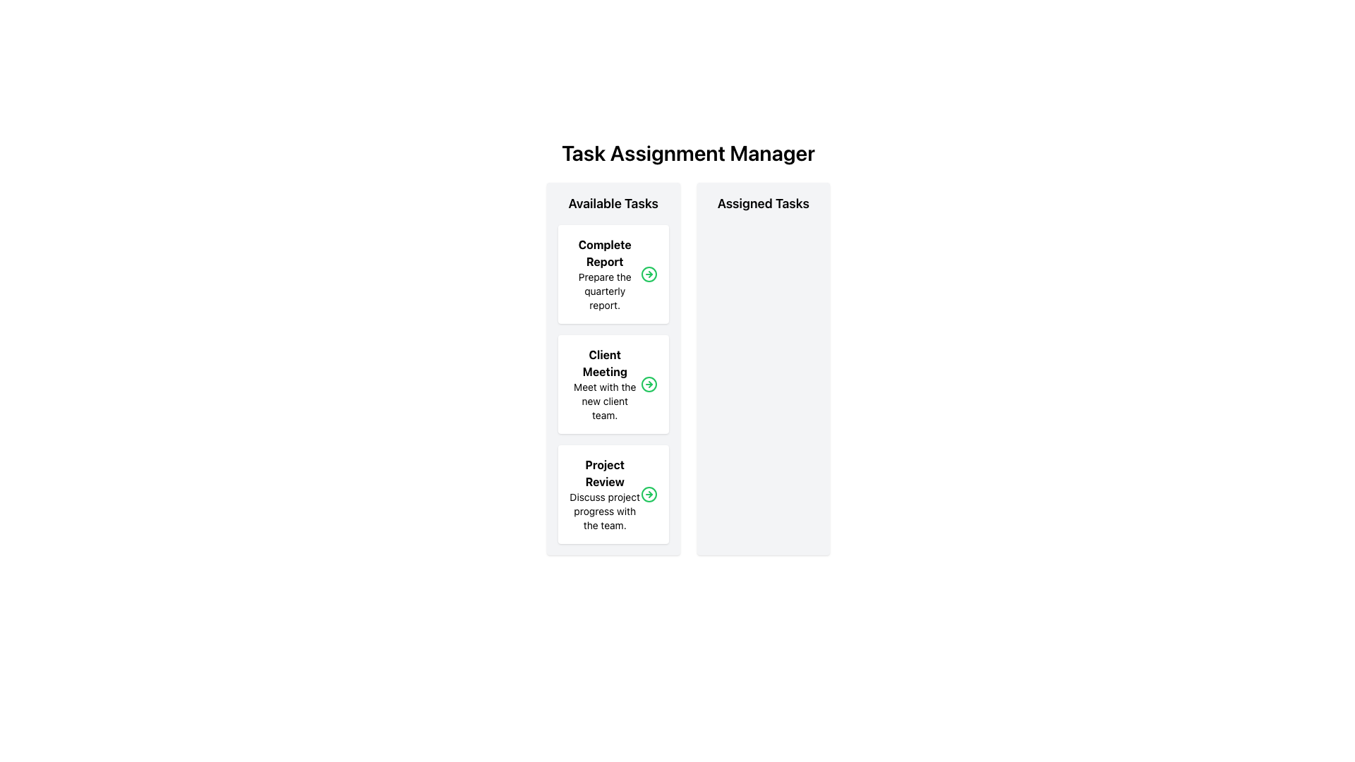 This screenshot has height=762, width=1355. I want to click on the green circular interactive icon with a rightward arrow located at the right end of the 'Complete Report' task card, so click(648, 274).